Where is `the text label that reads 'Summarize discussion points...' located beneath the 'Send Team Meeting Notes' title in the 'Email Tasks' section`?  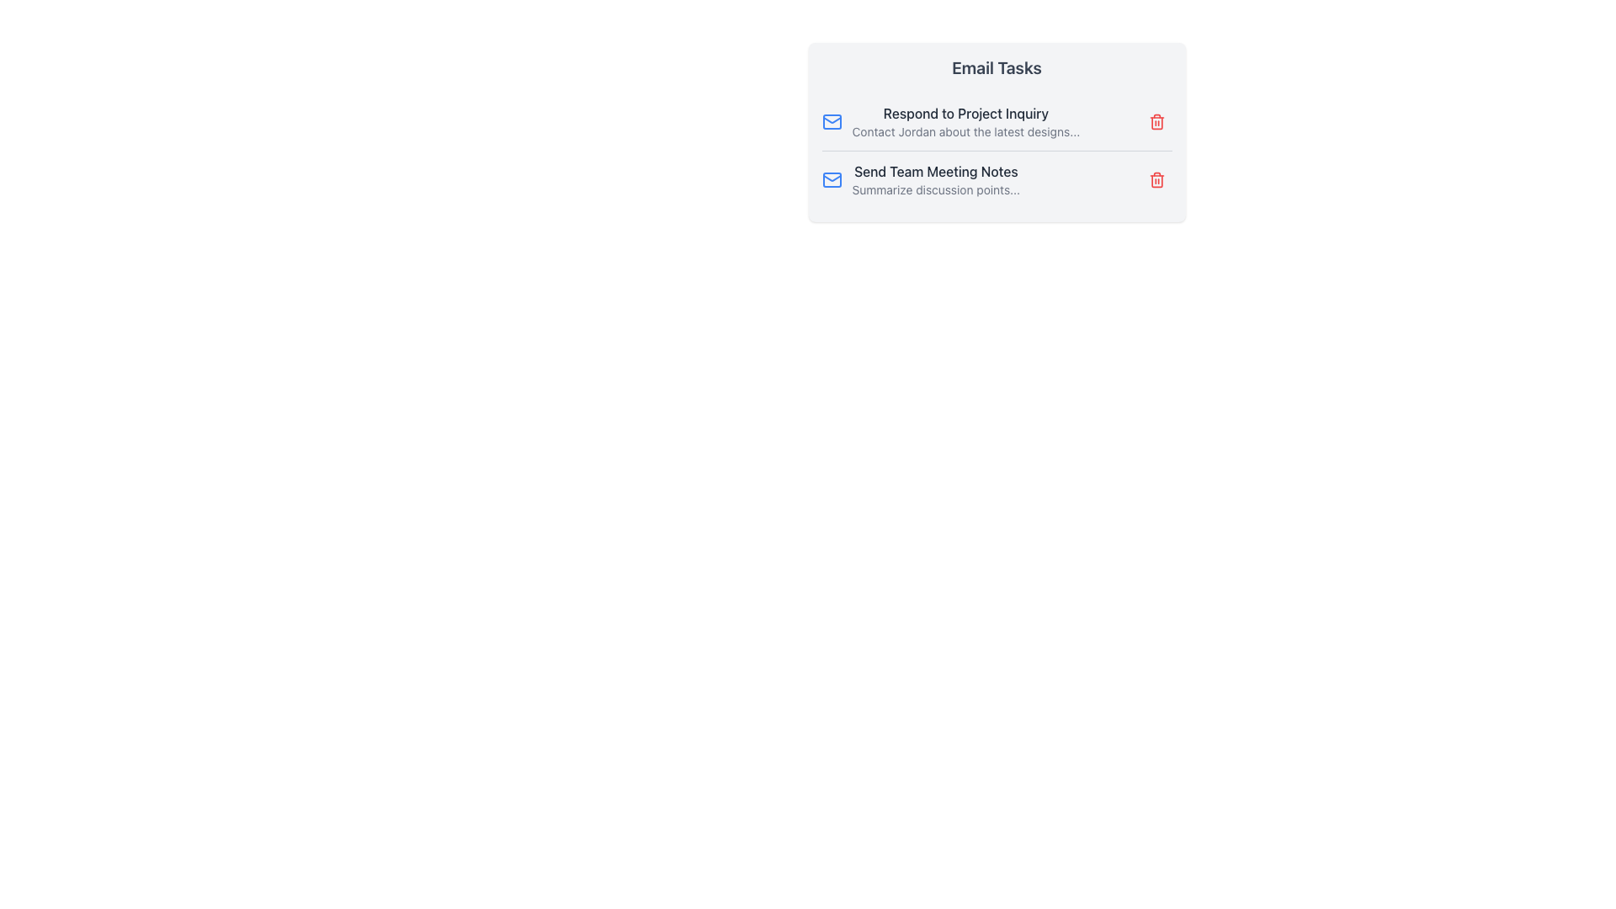
the text label that reads 'Summarize discussion points...' located beneath the 'Send Team Meeting Notes' title in the 'Email Tasks' section is located at coordinates (935, 189).